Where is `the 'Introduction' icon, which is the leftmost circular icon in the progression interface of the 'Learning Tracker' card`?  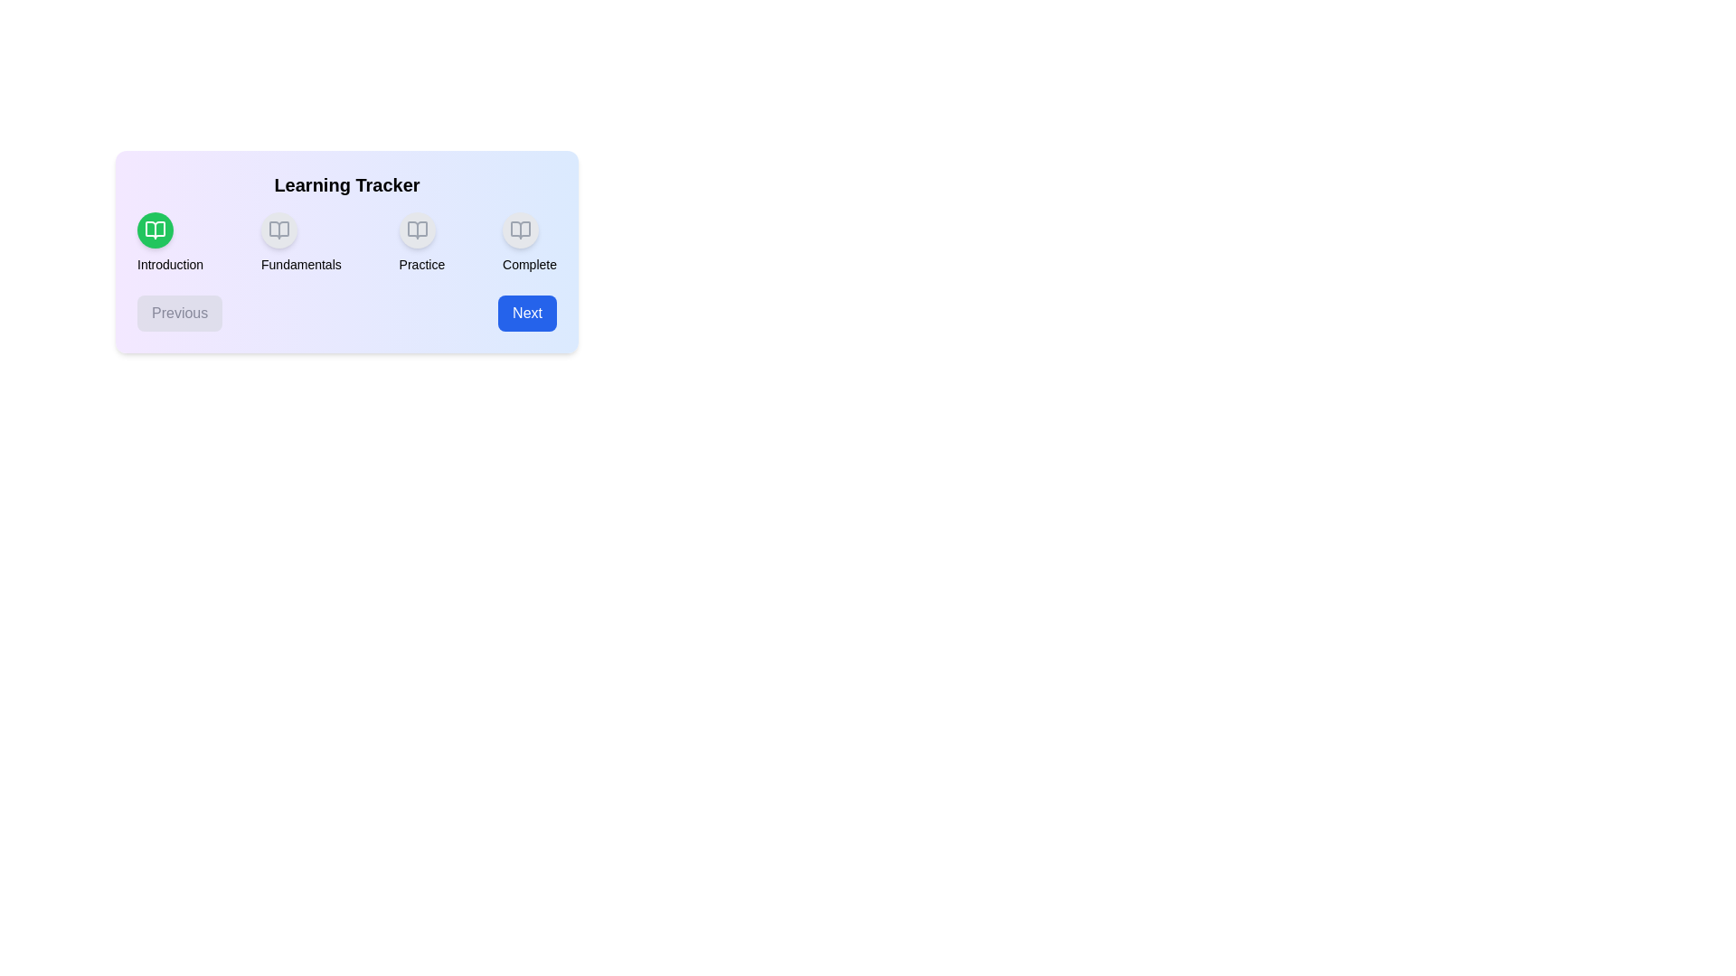
the 'Introduction' icon, which is the leftmost circular icon in the progression interface of the 'Learning Tracker' card is located at coordinates (156, 229).